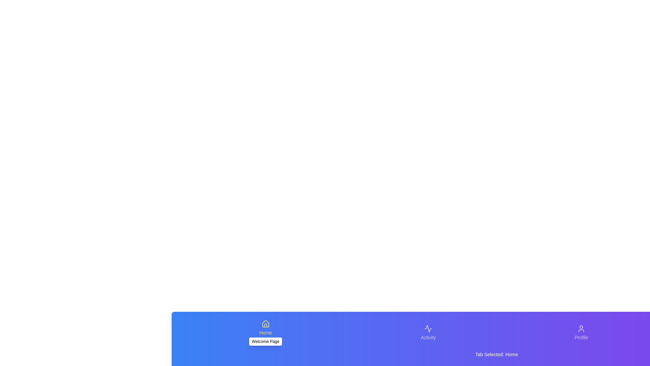 The height and width of the screenshot is (366, 650). What do you see at coordinates (581, 332) in the screenshot?
I see `the tab labeled Profile to view its description` at bounding box center [581, 332].